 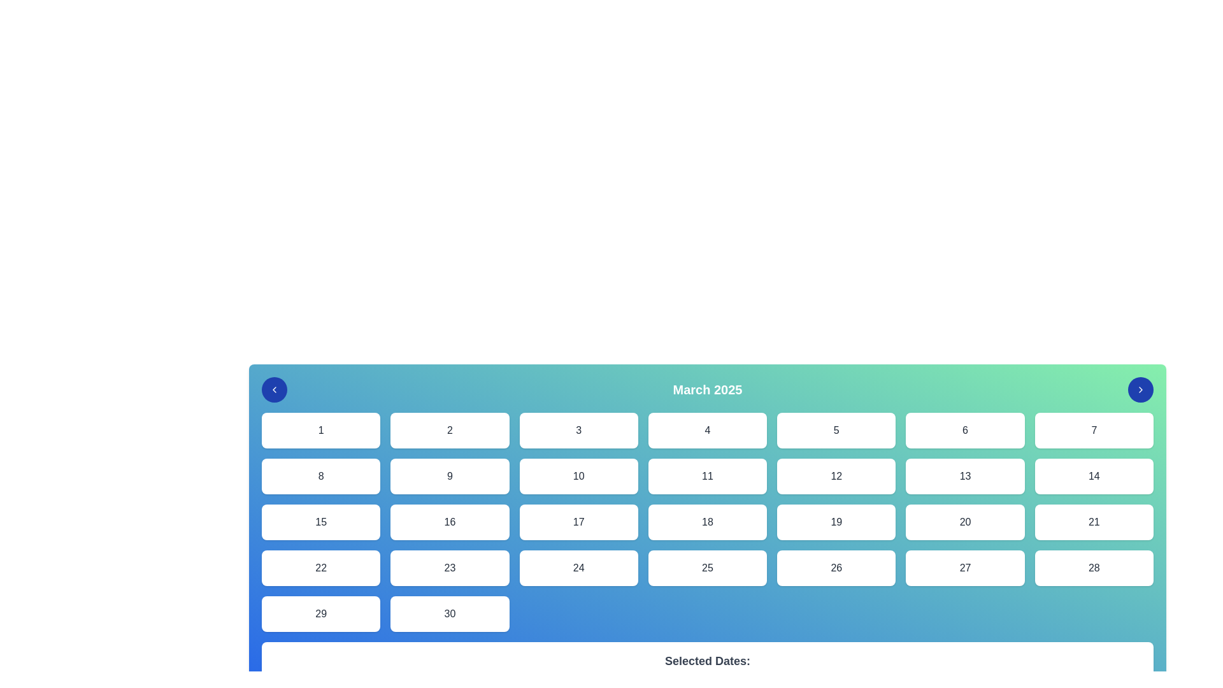 I want to click on the rounded rectangular button displaying the number '10', so click(x=578, y=477).